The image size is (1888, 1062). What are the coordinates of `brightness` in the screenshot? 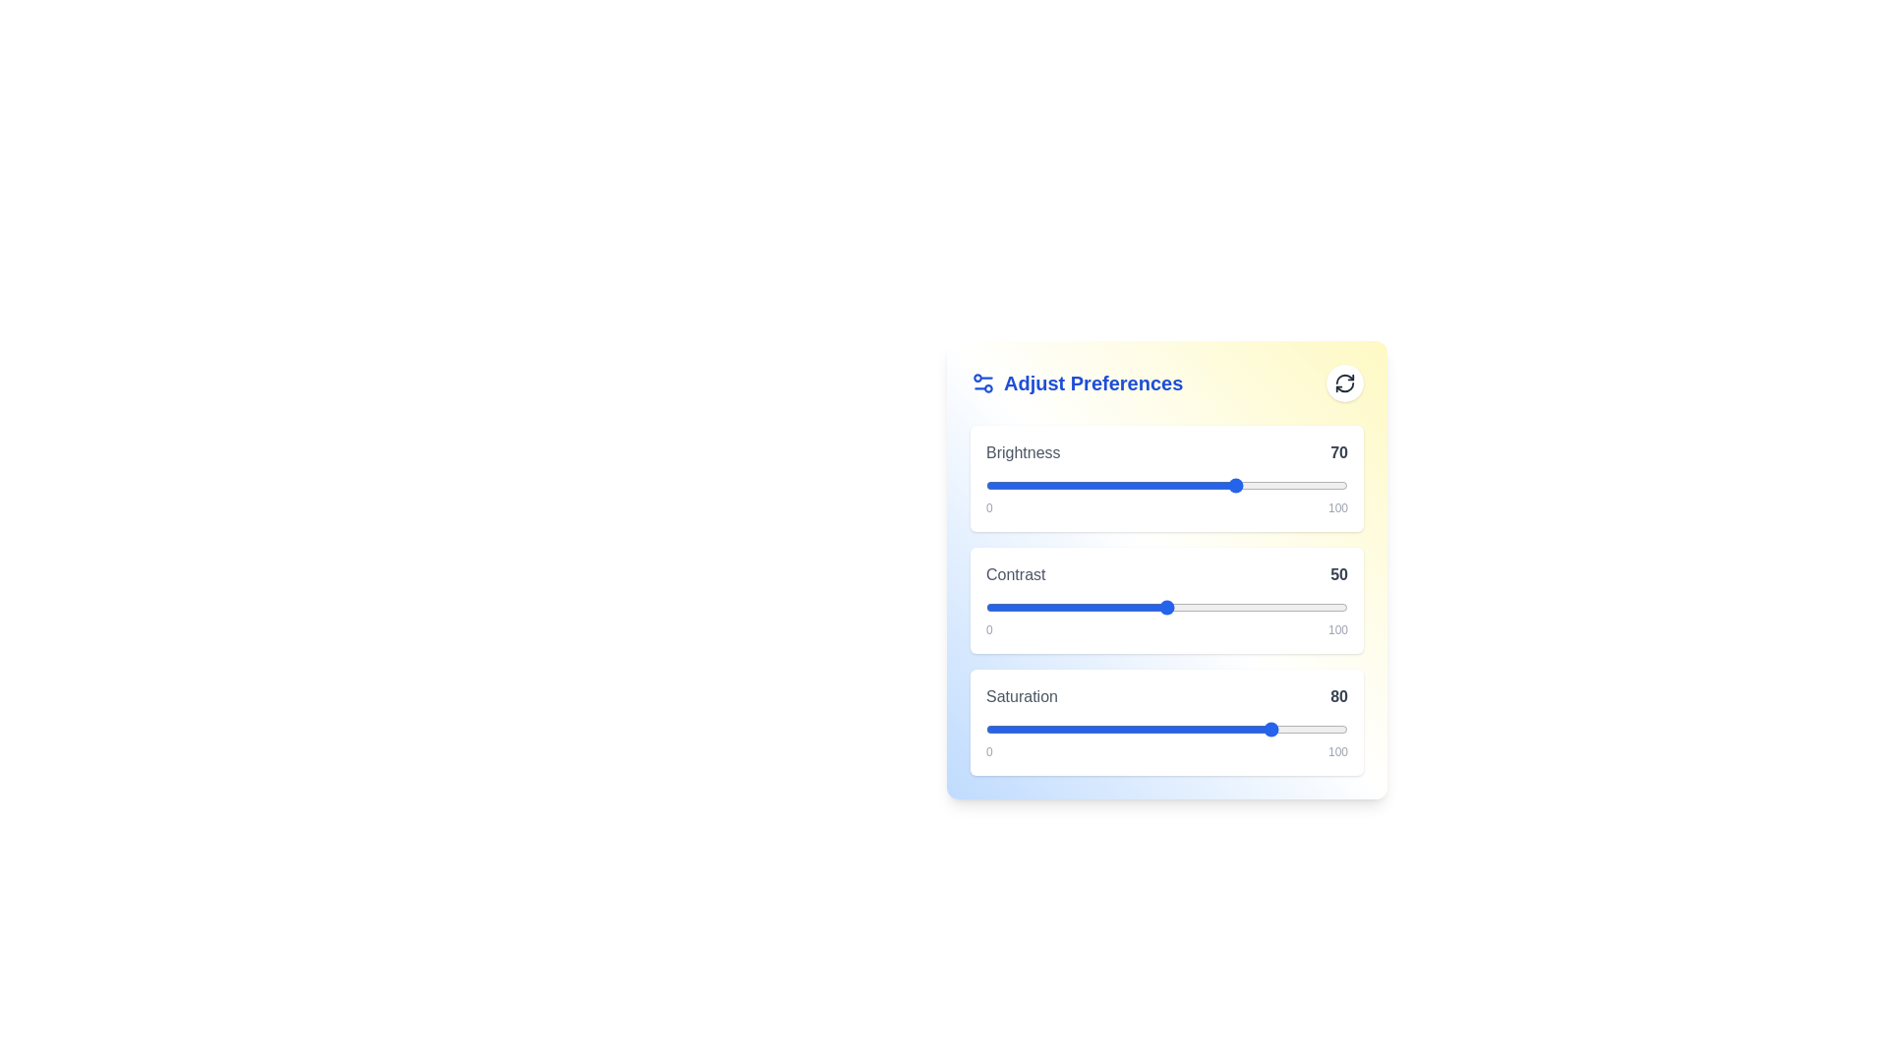 It's located at (1079, 485).